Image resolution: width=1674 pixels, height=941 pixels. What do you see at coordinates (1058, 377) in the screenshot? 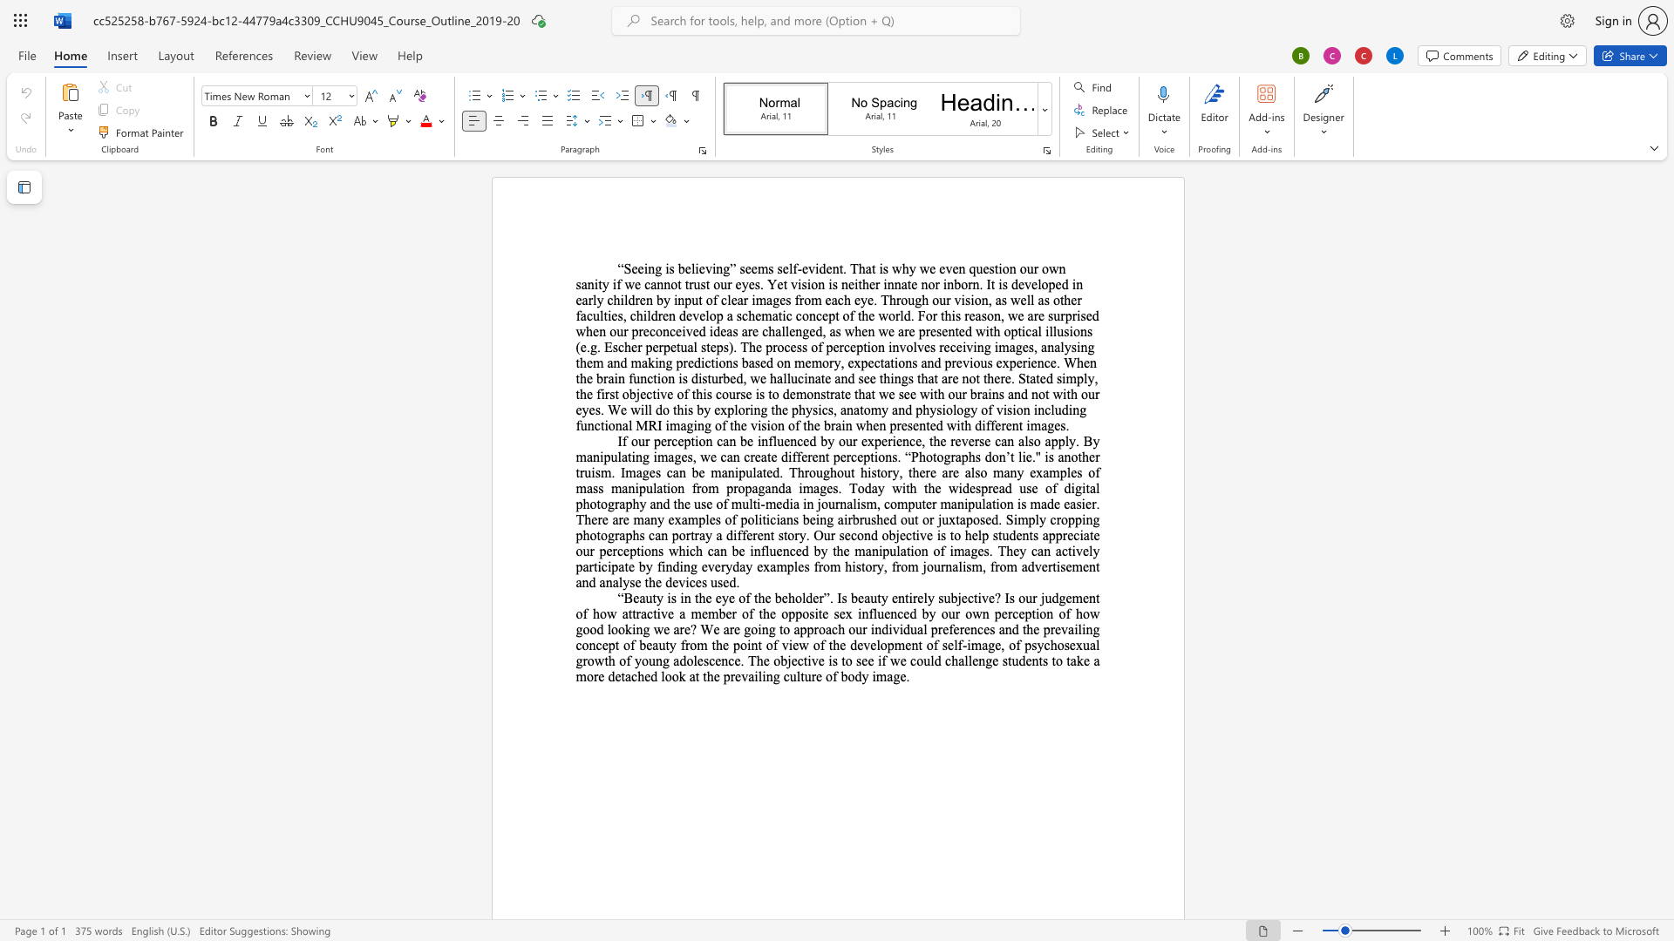
I see `the 12th character "s" in the text` at bounding box center [1058, 377].